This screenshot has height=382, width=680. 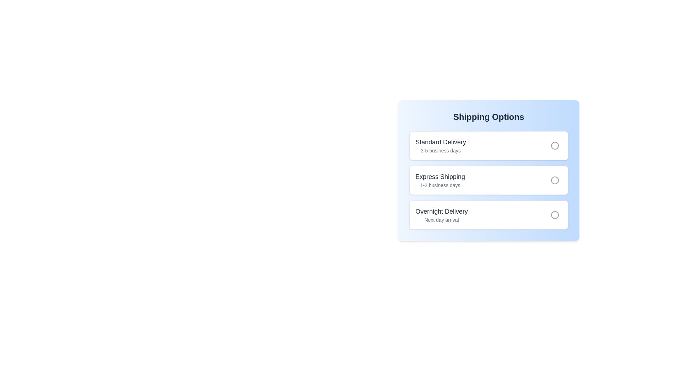 I want to click on the radio button for the 'Express Shipping' option, so click(x=554, y=180).